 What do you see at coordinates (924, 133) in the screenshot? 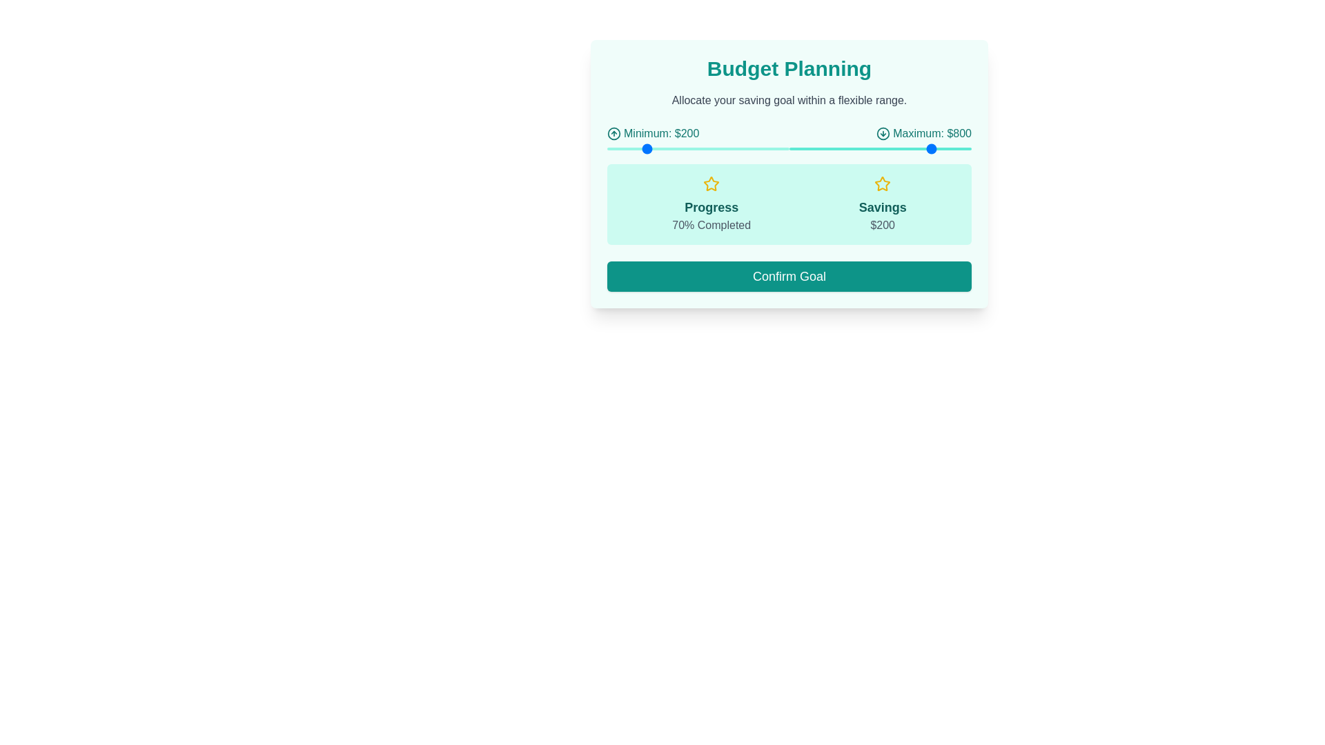
I see `the label indicating the maximum boundary of a range, positioned to the right of the 'Minimum: $200' label in the top-right corner of the card interface` at bounding box center [924, 133].